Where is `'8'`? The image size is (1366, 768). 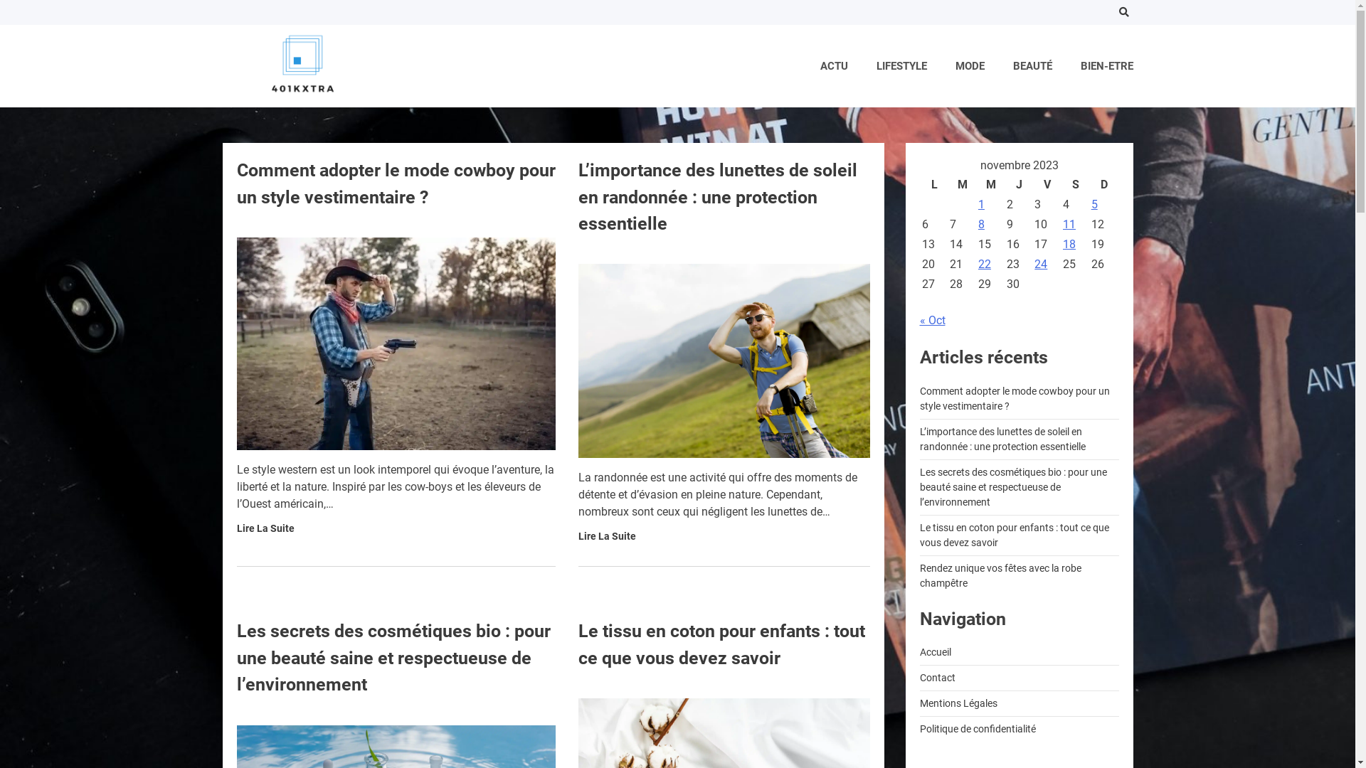
'8' is located at coordinates (980, 224).